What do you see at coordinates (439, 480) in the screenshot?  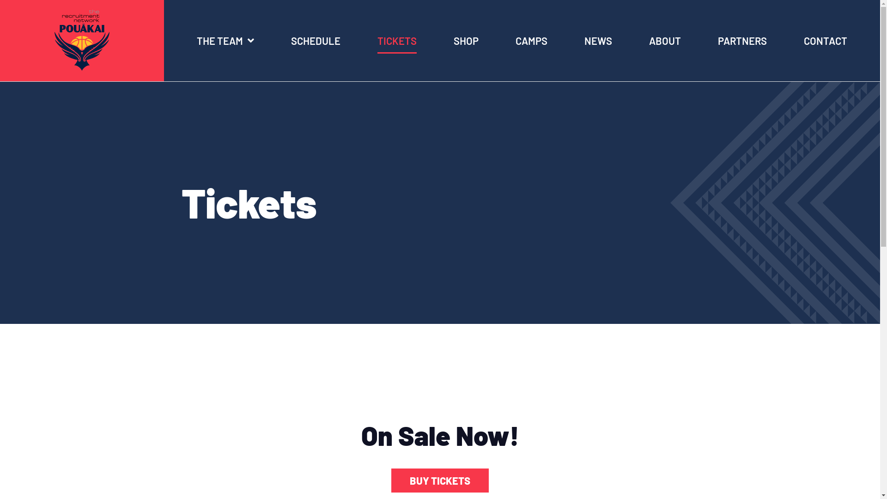 I see `'BUY TICKETS'` at bounding box center [439, 480].